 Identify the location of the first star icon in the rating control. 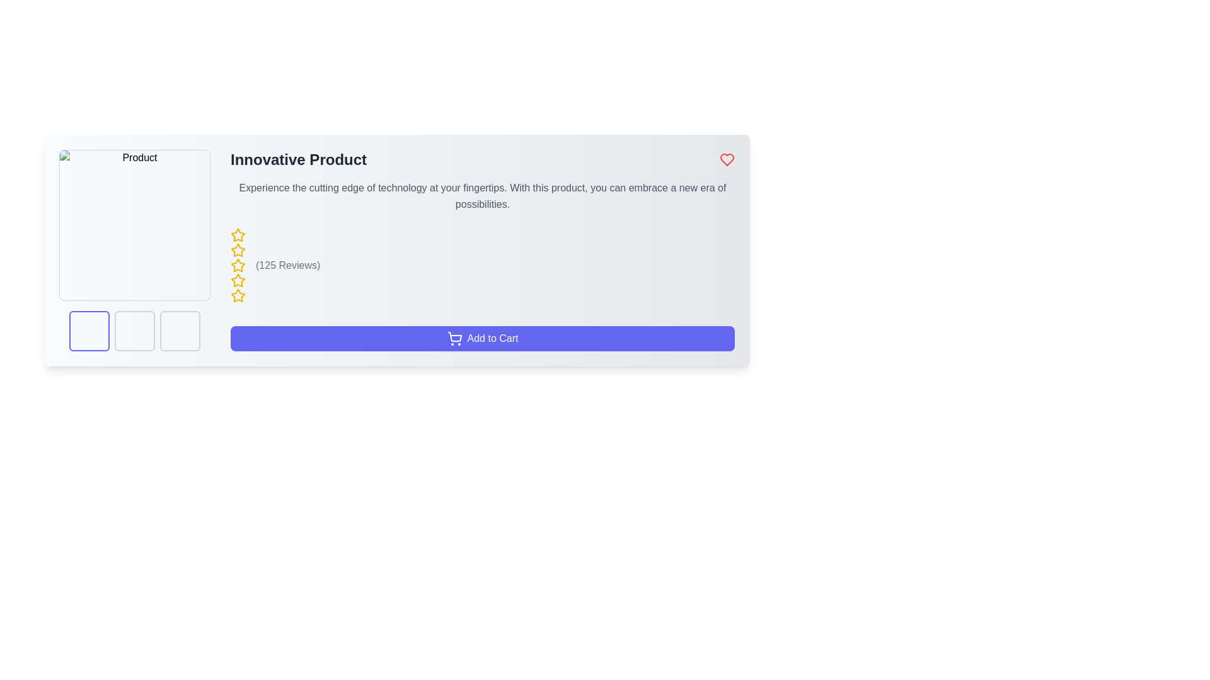
(238, 235).